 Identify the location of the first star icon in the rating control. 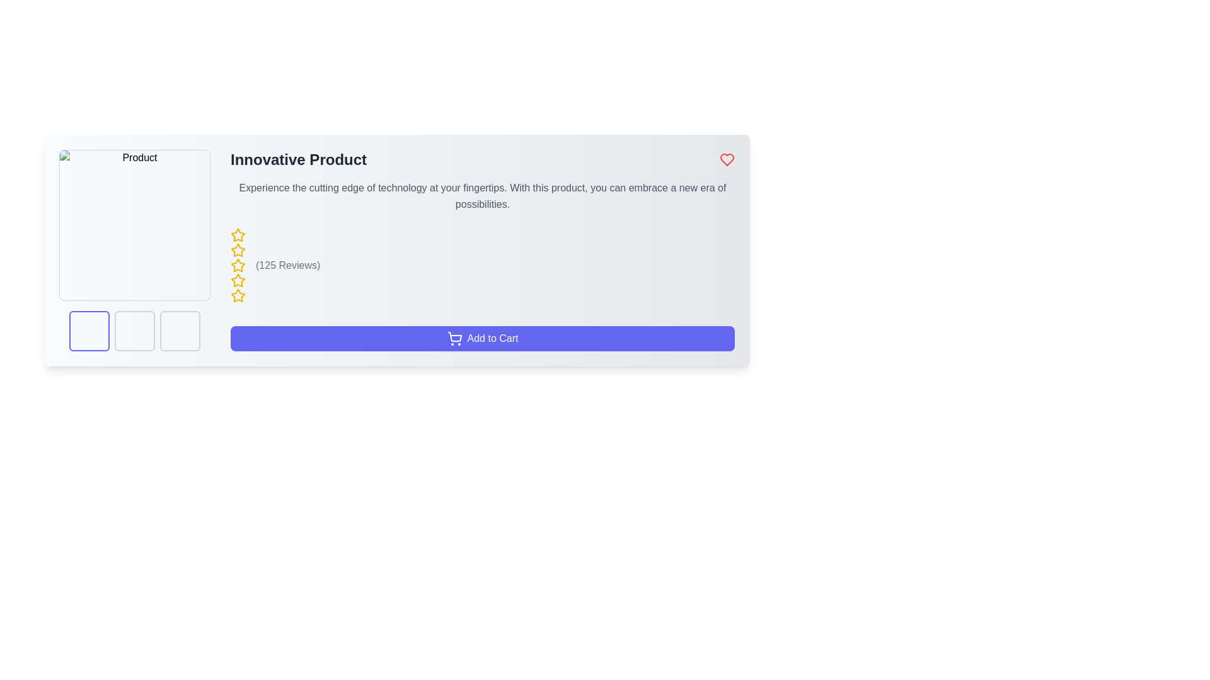
(238, 235).